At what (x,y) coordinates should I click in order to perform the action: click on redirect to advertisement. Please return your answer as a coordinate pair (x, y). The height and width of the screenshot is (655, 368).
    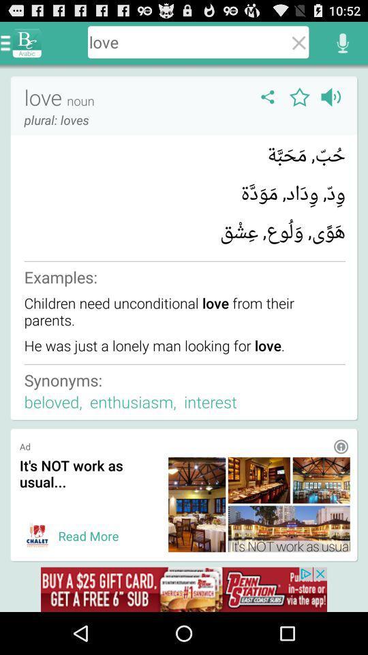
    Looking at the image, I should click on (37, 536).